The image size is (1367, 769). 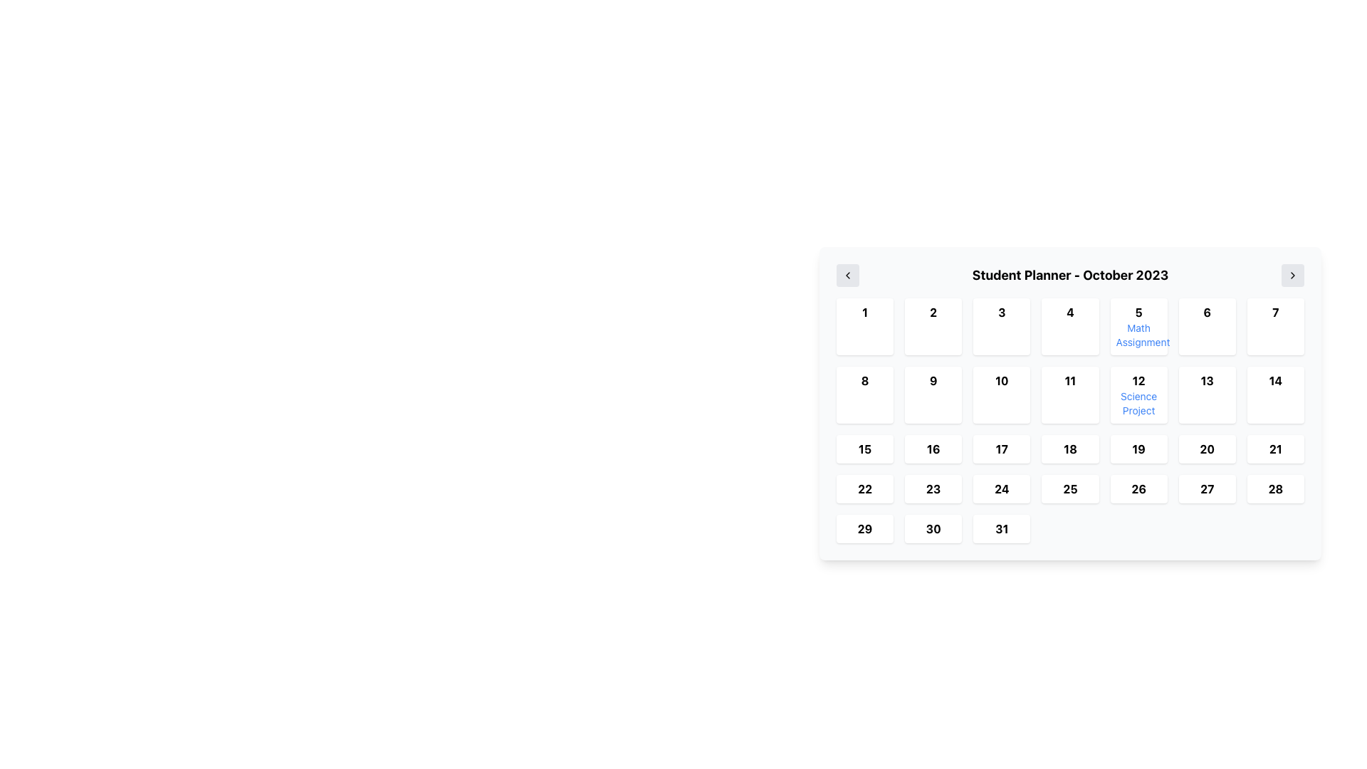 What do you see at coordinates (1138, 488) in the screenshot?
I see `the static visual element representing the date 26, which is a square-shaped box with a white background and bold black text` at bounding box center [1138, 488].